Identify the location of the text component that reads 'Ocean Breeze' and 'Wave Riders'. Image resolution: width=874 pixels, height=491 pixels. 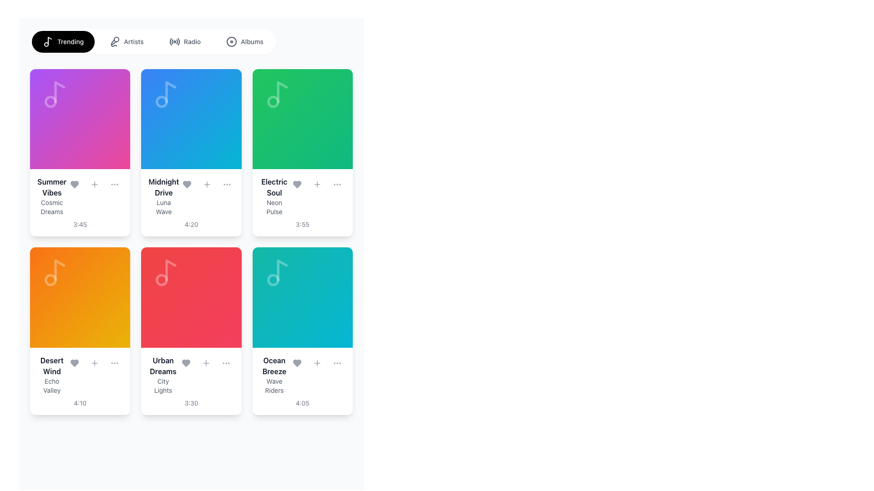
(274, 375).